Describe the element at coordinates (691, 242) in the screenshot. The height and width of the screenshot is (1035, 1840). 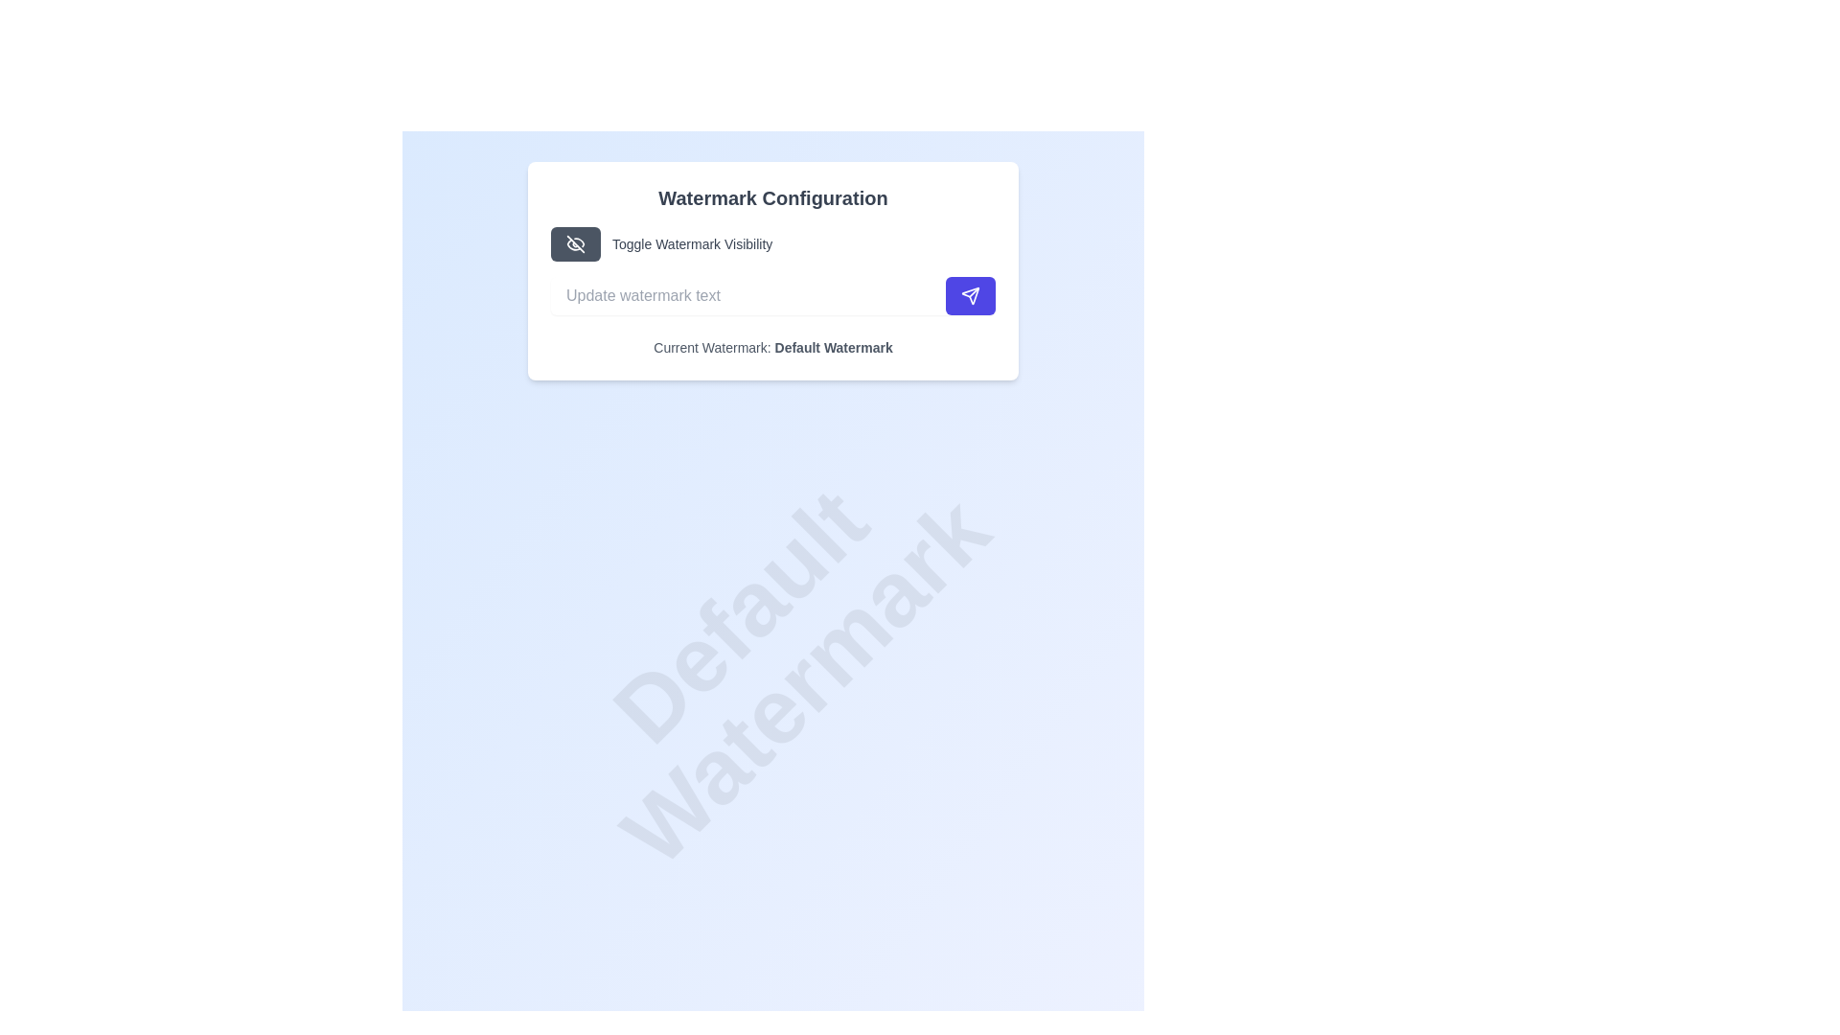
I see `the Text label that describes the adjacent toggle button for the watermark visibility in the 'Watermark Configuration' panel` at that location.